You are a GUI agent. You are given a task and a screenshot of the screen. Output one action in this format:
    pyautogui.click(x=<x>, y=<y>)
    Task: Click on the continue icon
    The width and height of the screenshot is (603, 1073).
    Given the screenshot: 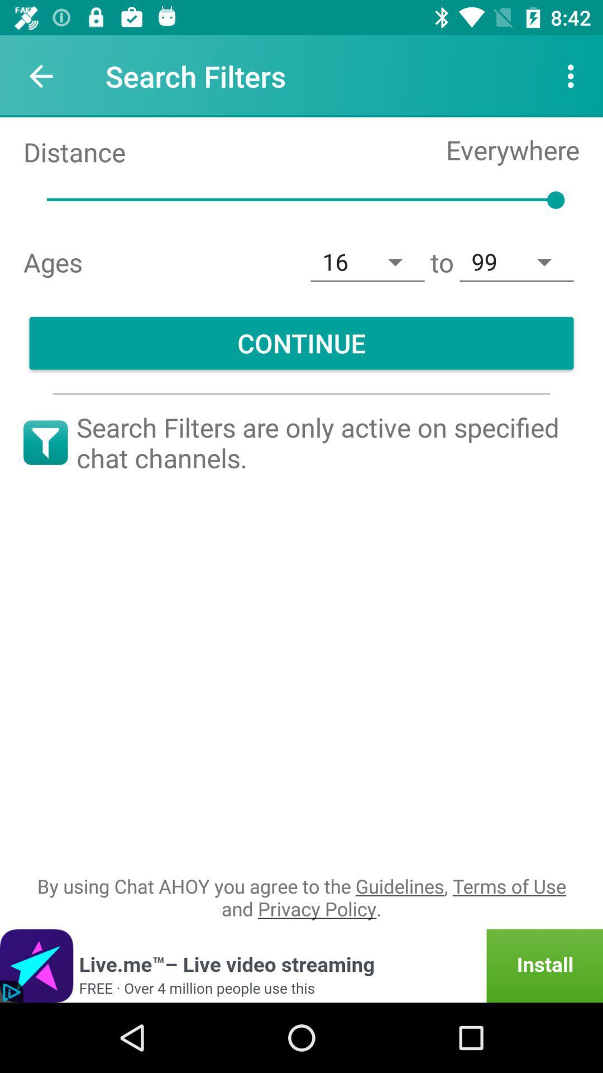 What is the action you would take?
    pyautogui.click(x=301, y=343)
    